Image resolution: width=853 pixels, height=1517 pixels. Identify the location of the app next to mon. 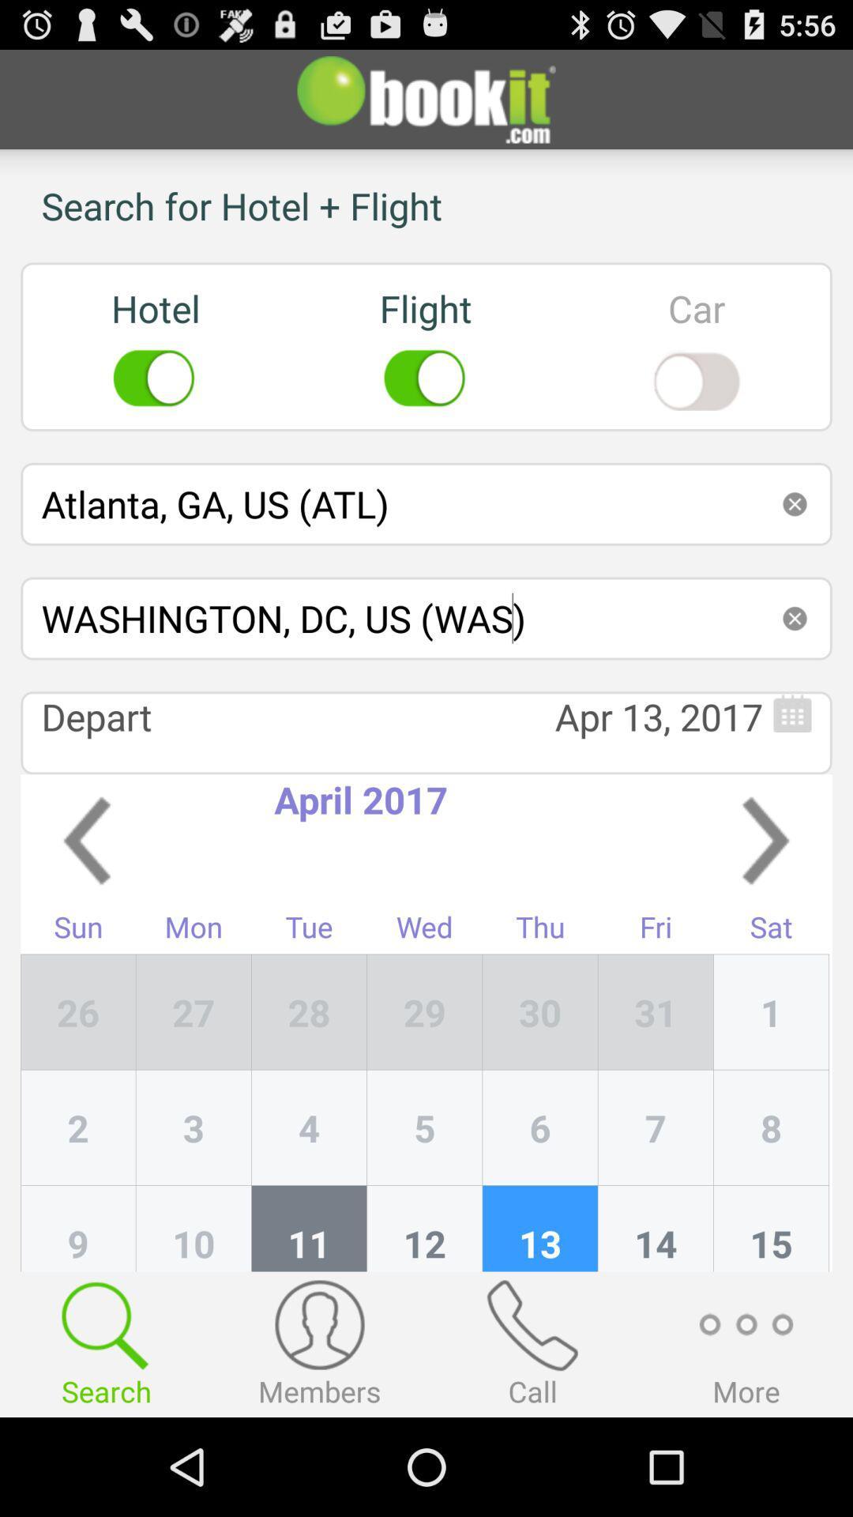
(309, 1012).